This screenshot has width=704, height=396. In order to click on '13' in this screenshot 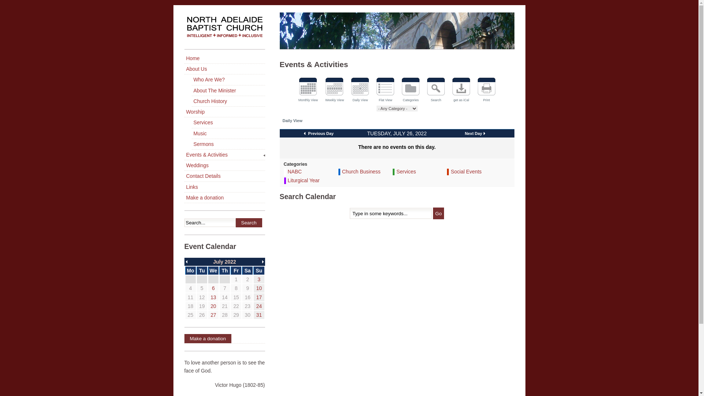, I will do `click(213, 297)`.